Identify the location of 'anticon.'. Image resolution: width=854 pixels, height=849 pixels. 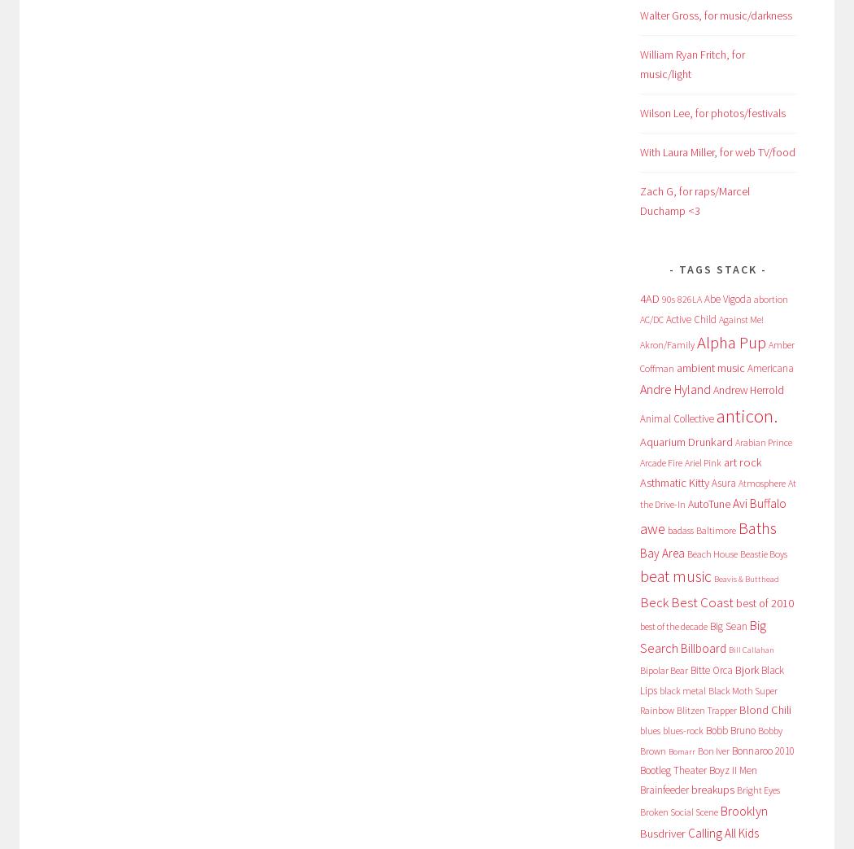
(746, 414).